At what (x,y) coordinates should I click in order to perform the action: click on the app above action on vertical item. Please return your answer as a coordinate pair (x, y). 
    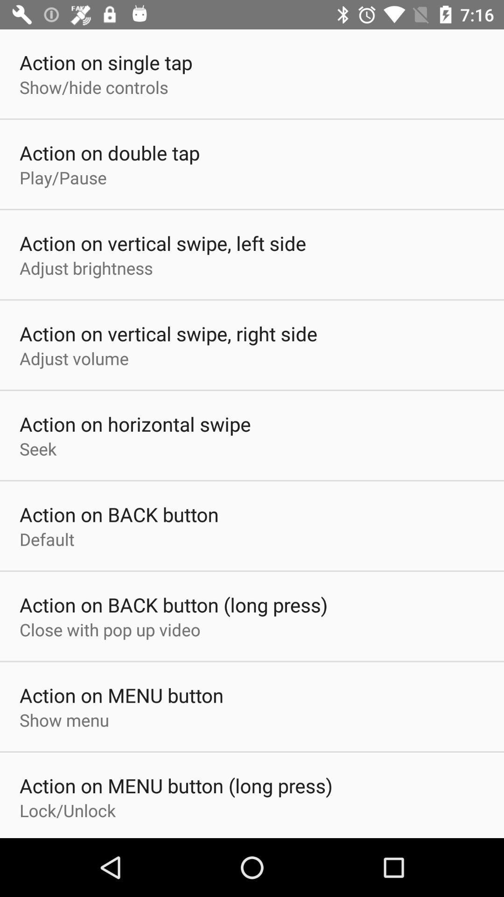
    Looking at the image, I should click on (86, 267).